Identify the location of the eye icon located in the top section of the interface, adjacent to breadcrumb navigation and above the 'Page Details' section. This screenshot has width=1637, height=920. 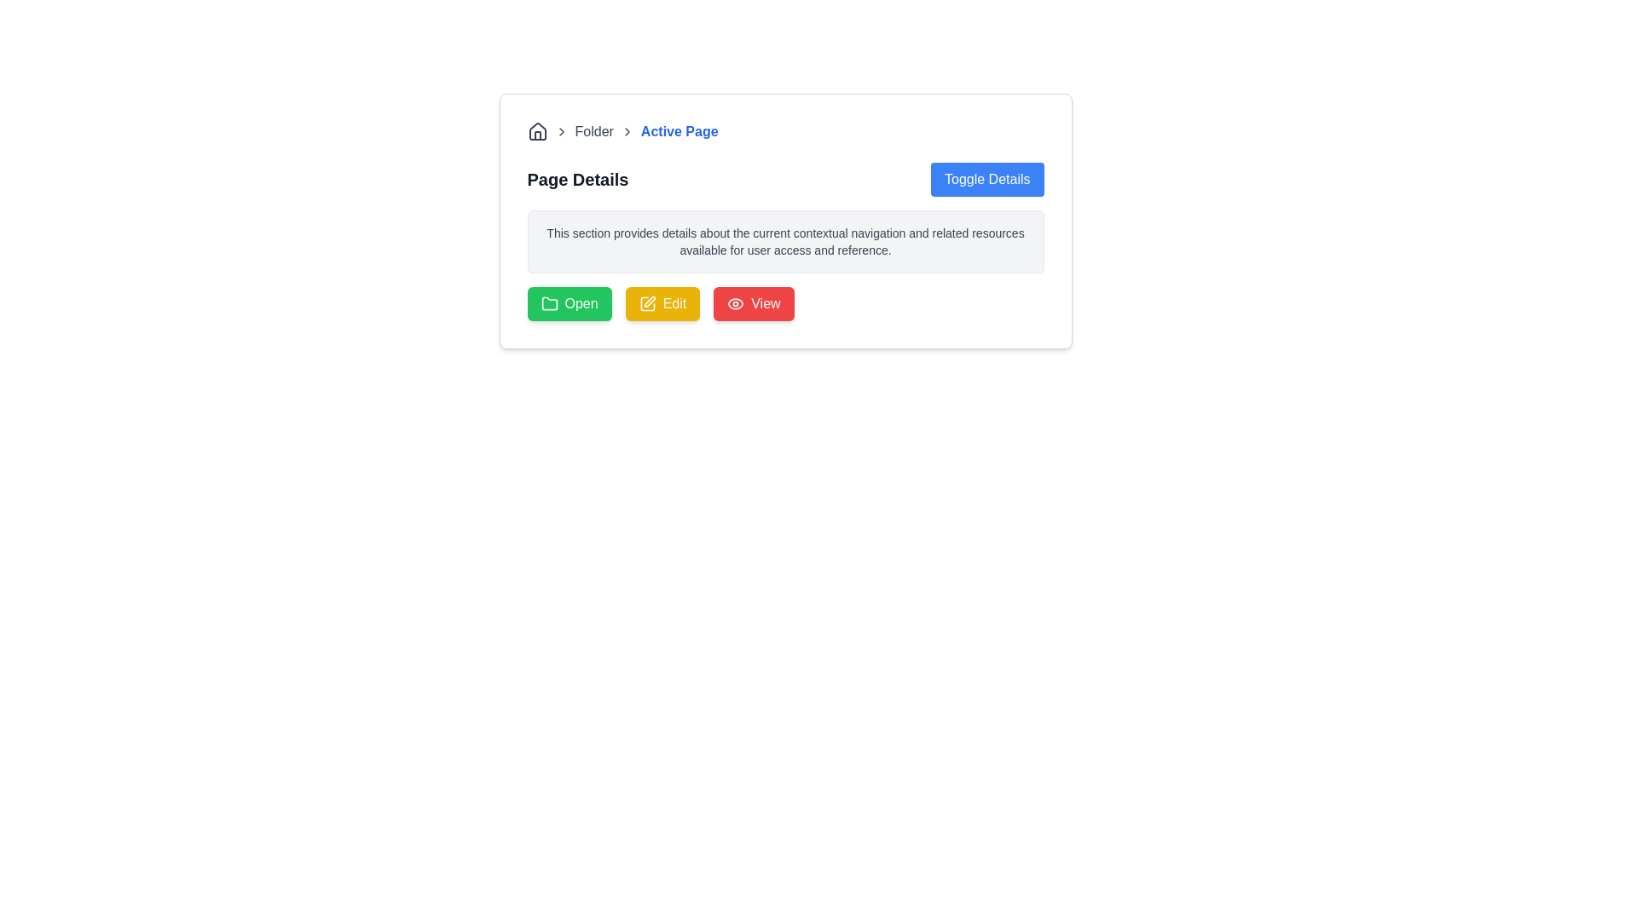
(736, 303).